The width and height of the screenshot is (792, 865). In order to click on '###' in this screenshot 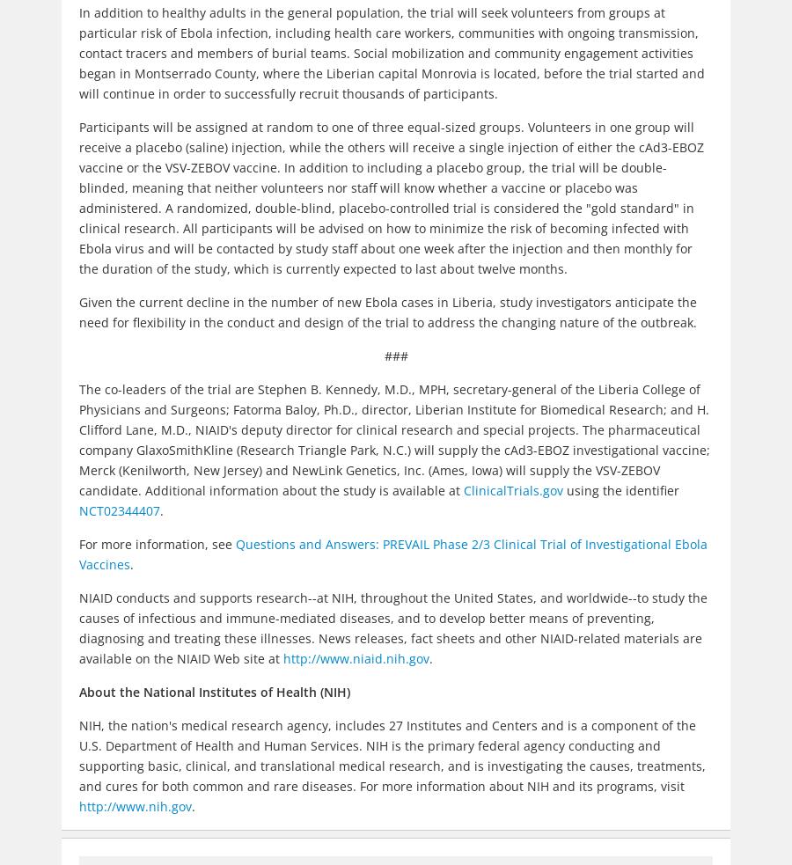, I will do `click(395, 355)`.